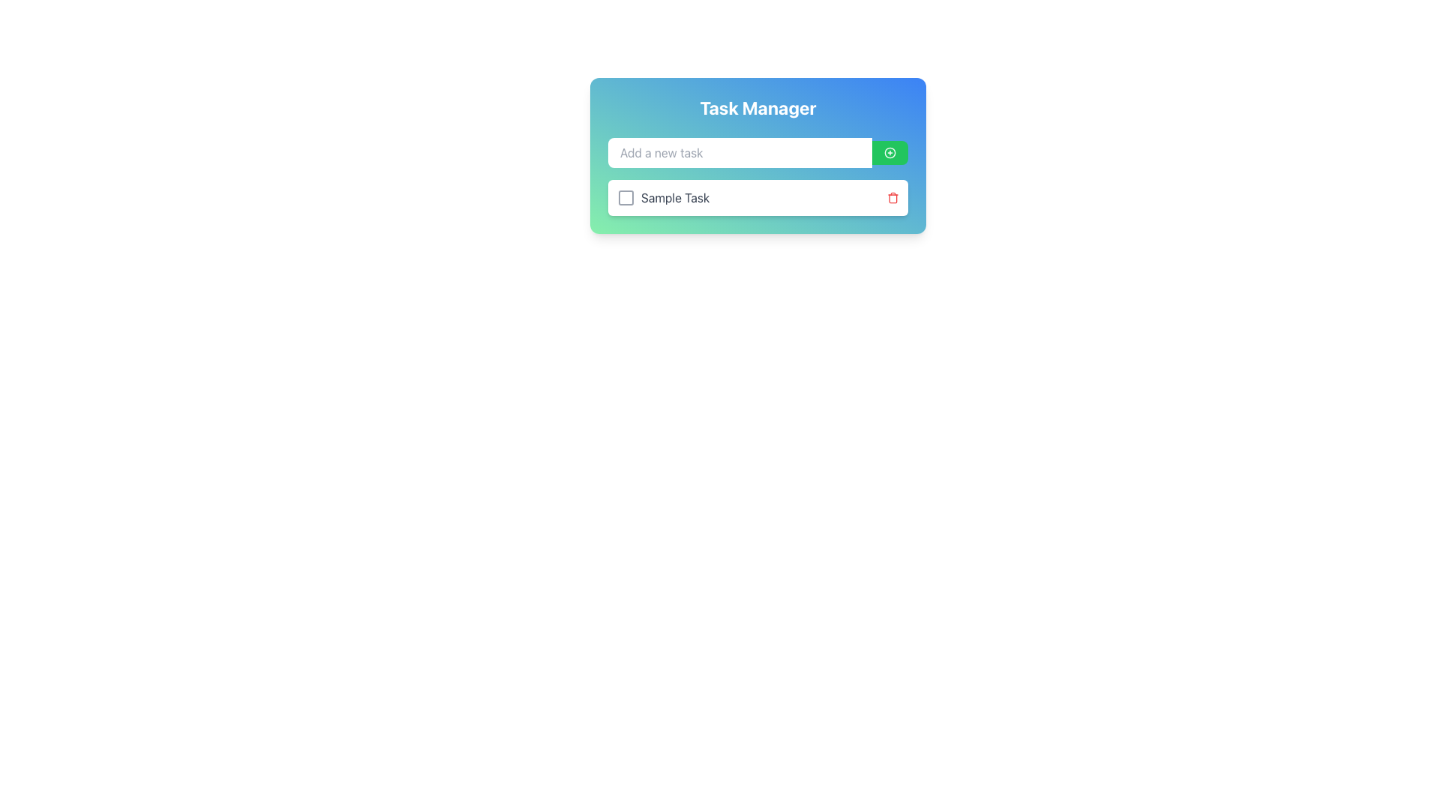 The image size is (1440, 810). I want to click on the trash bin icon, which is styled in red and located at the far-right end of the task row displaying 'Sample Task', so click(892, 196).